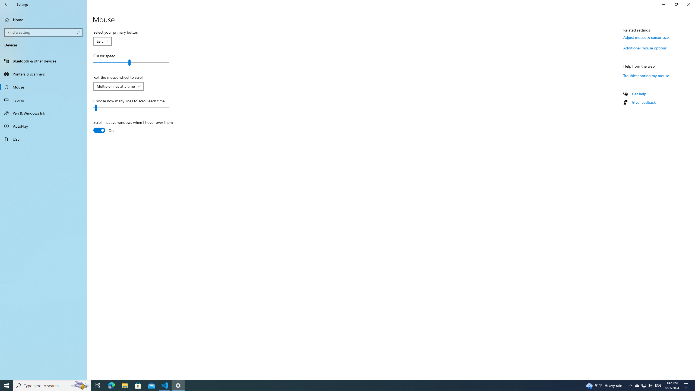  What do you see at coordinates (643, 102) in the screenshot?
I see `'Give feedback'` at bounding box center [643, 102].